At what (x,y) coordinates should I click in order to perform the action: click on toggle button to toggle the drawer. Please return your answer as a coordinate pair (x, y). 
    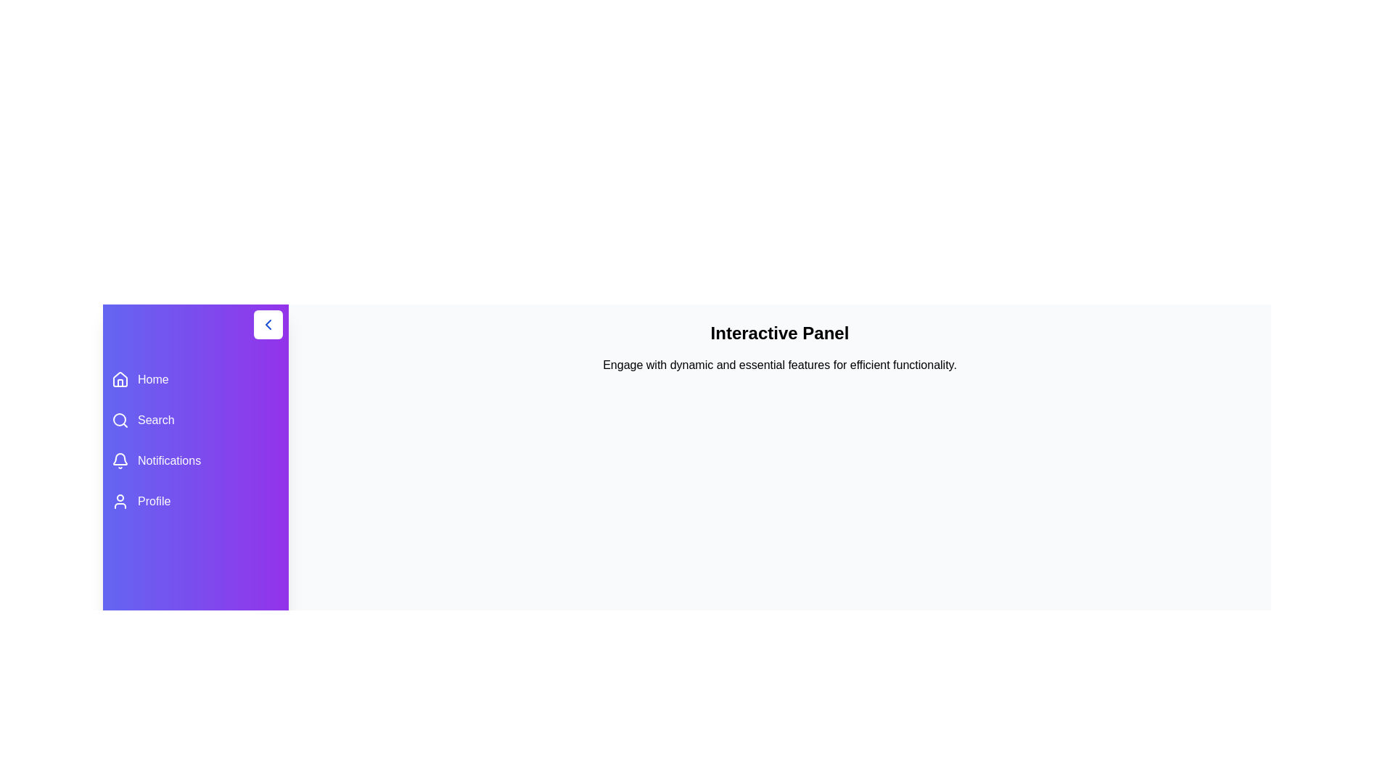
    Looking at the image, I should click on (268, 323).